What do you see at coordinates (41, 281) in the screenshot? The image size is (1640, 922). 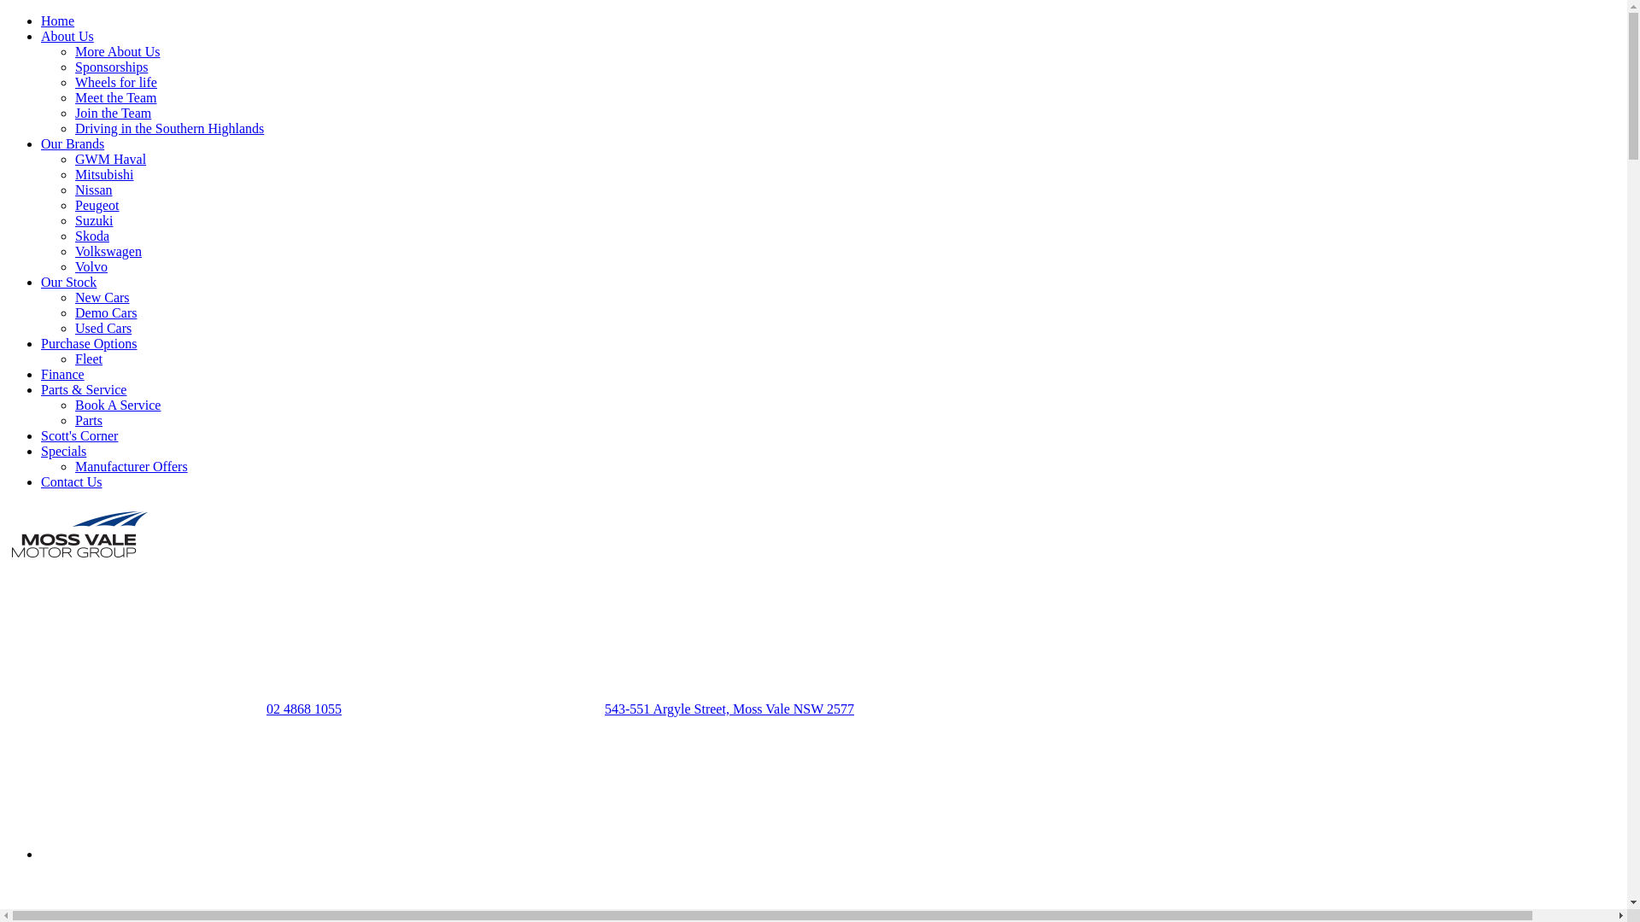 I see `'Our Stock'` at bounding box center [41, 281].